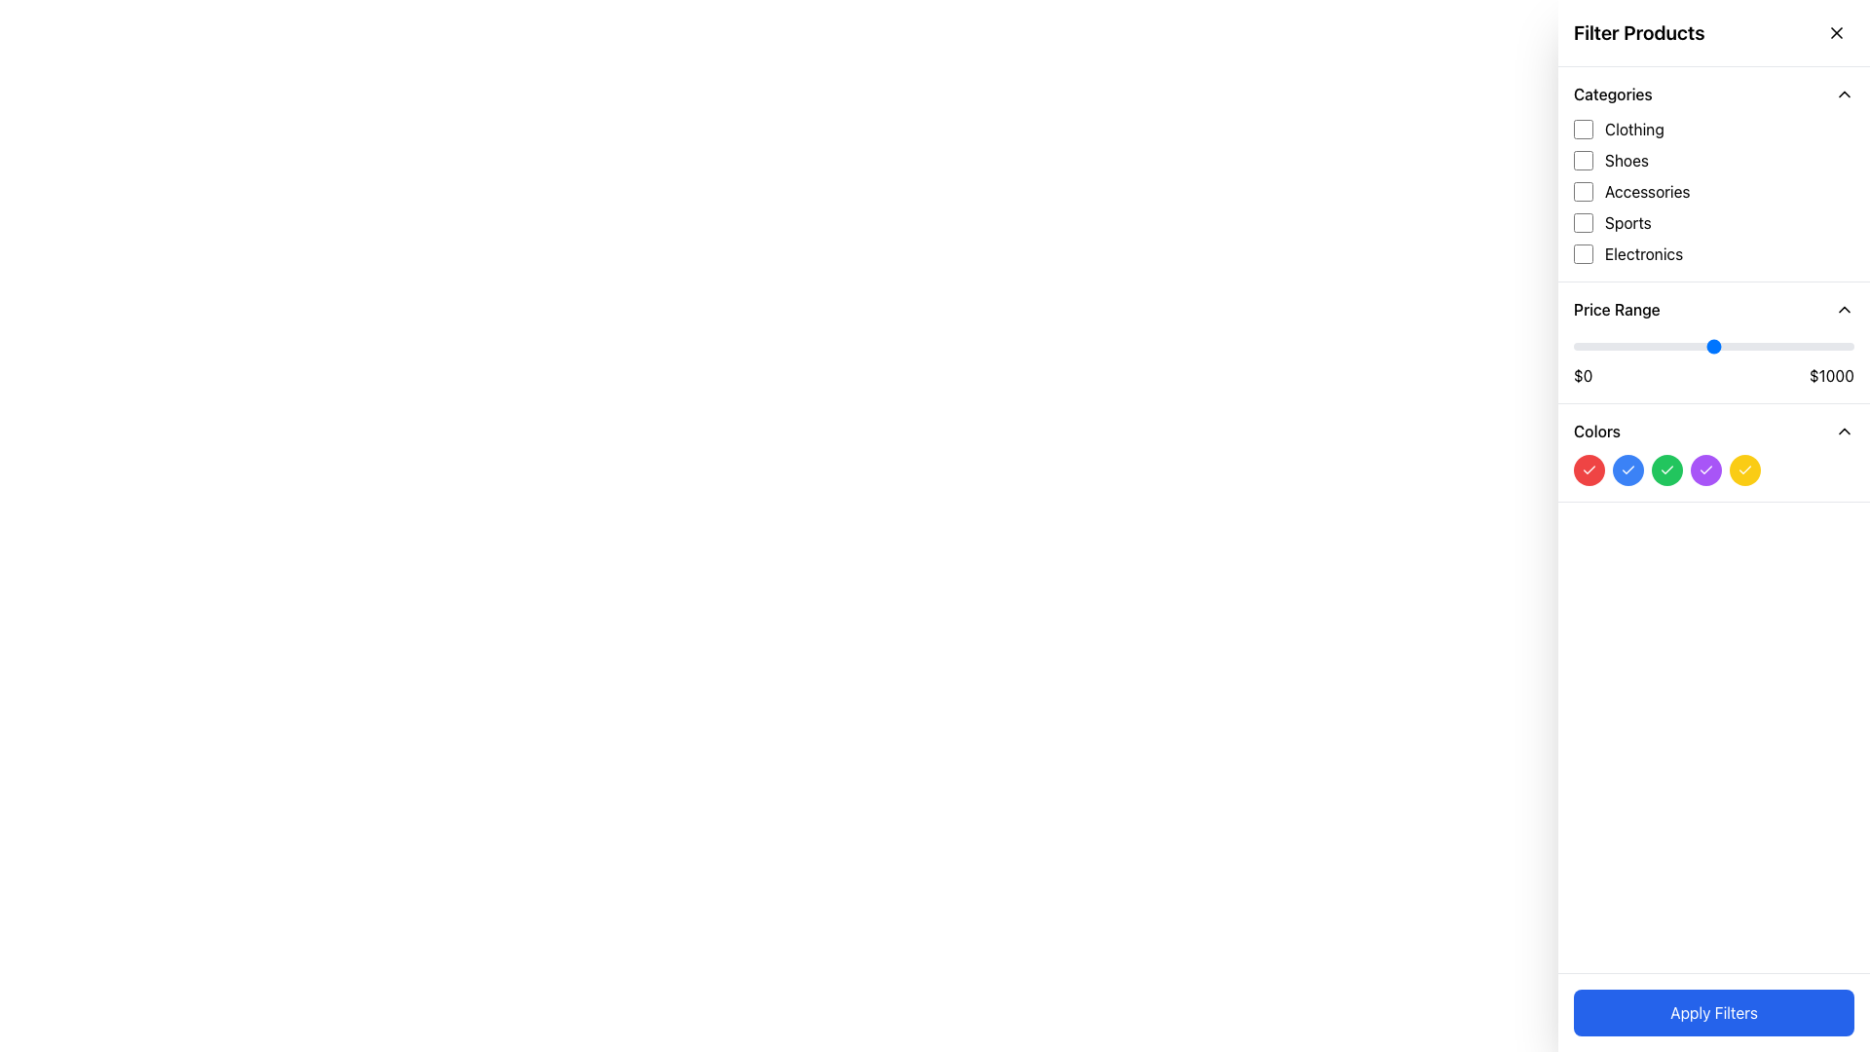 Image resolution: width=1870 pixels, height=1052 pixels. Describe the element at coordinates (1638, 33) in the screenshot. I see `the text label 'Filter Products', which is styled in bold and extra large font at the top-left corner of the collapsible filter panel` at that location.